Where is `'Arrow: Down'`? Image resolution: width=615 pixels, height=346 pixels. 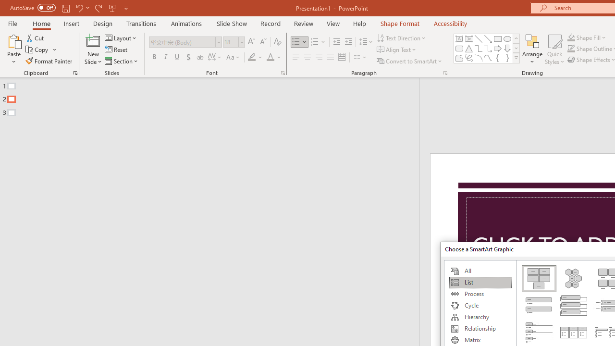
'Arrow: Down' is located at coordinates (507, 48).